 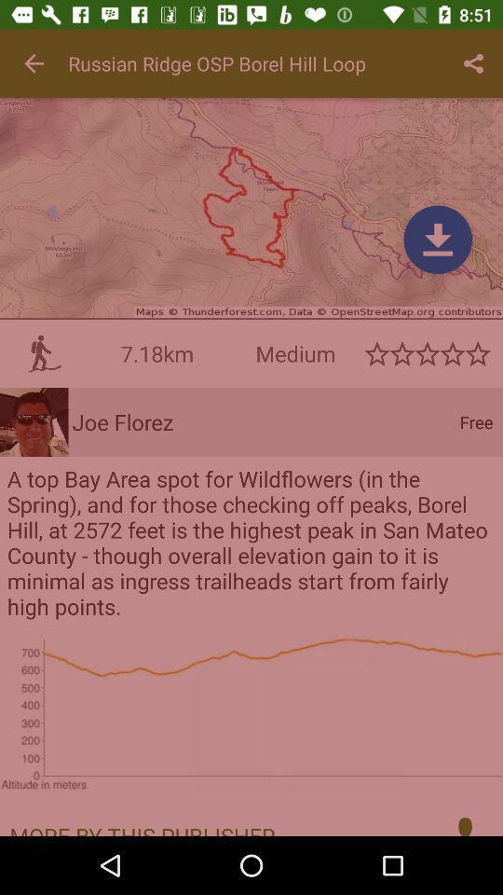 I want to click on click download menu, so click(x=438, y=239).